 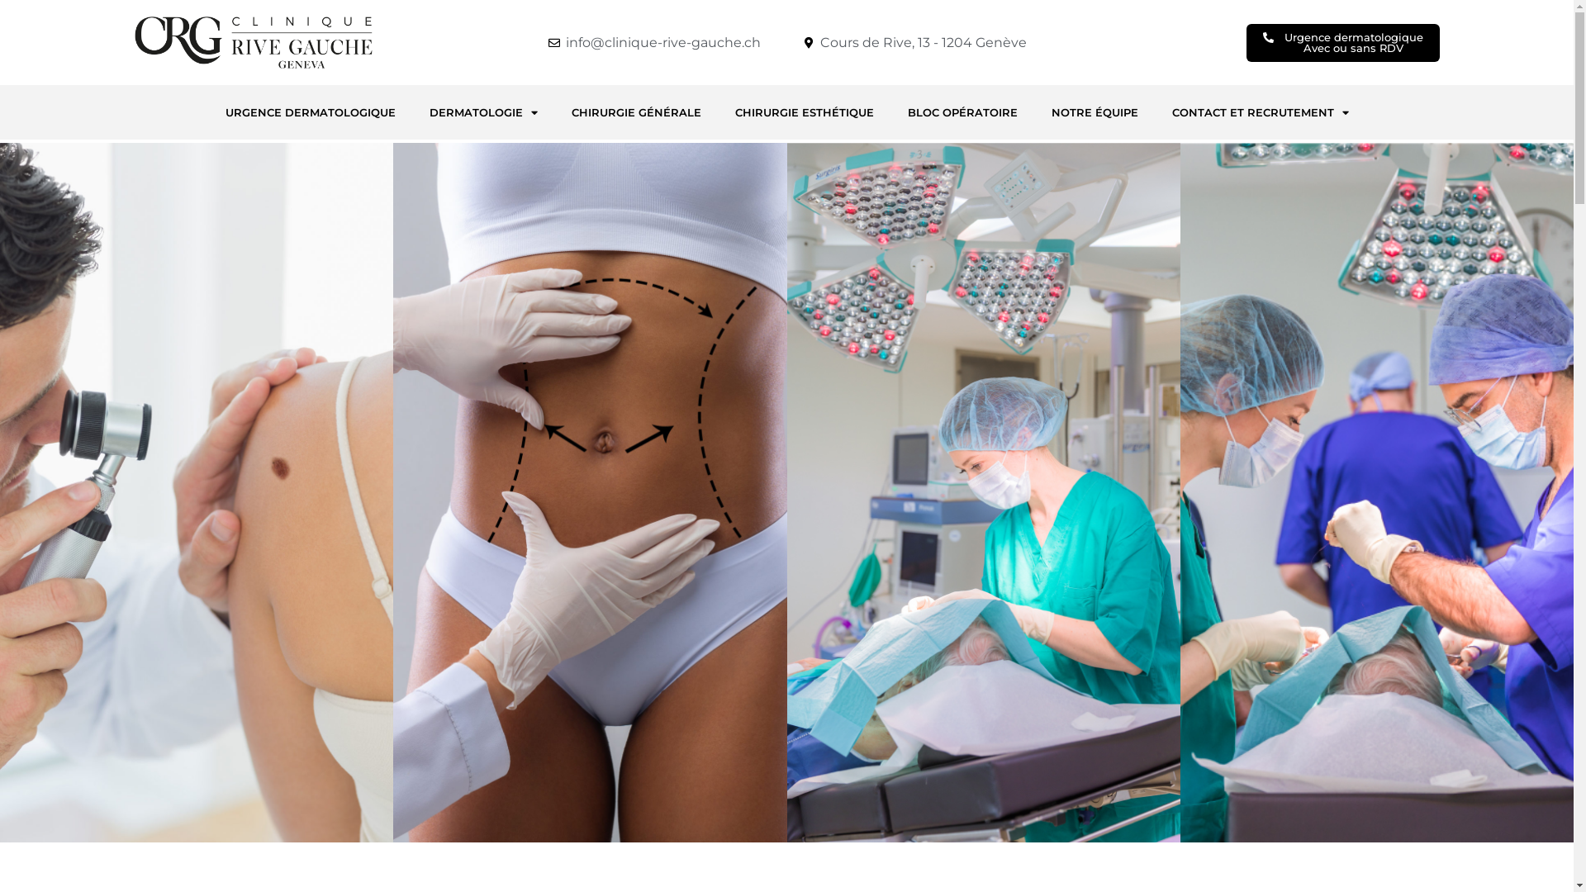 What do you see at coordinates (1153, 111) in the screenshot?
I see `'CONTACT ET RECRUTEMENT'` at bounding box center [1153, 111].